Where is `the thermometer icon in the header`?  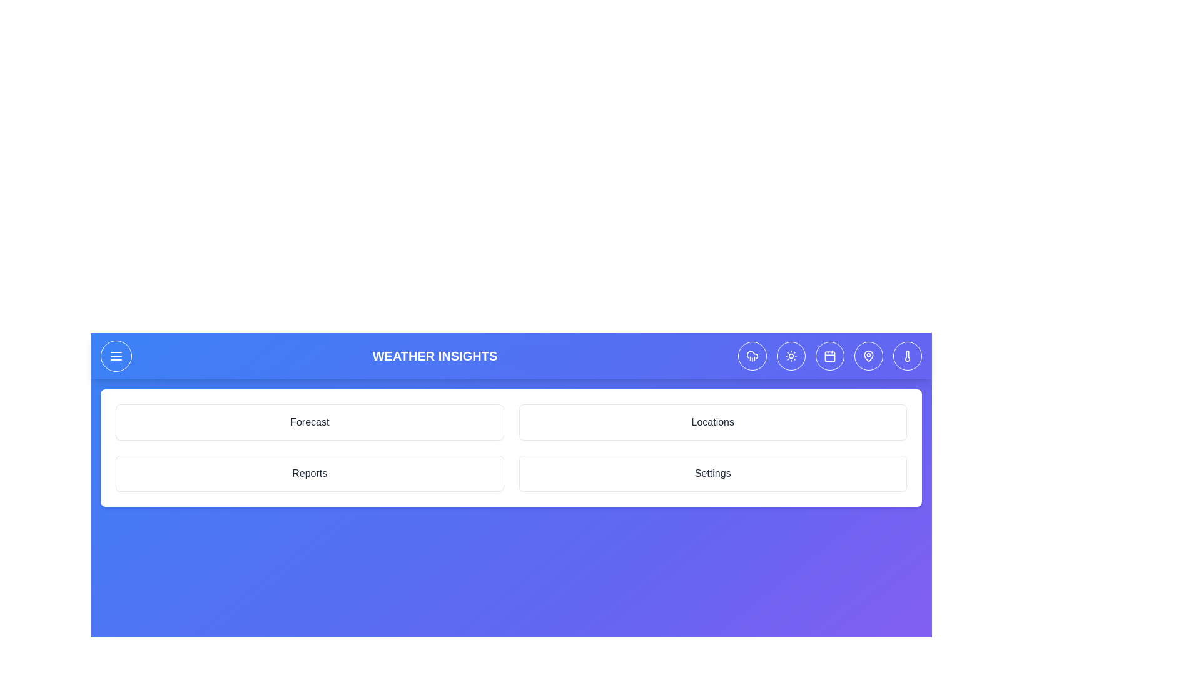 the thermometer icon in the header is located at coordinates (907, 356).